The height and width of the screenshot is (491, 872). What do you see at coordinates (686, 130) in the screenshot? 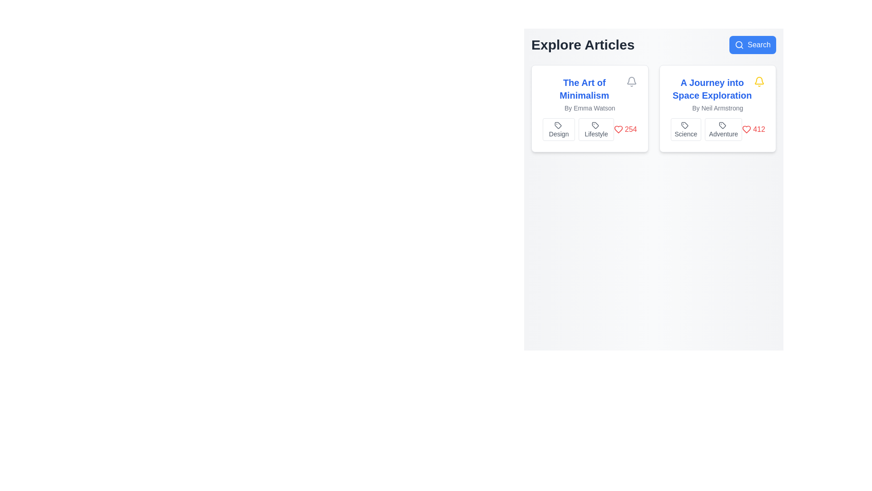
I see `the 'Science' label, which serves as a category tag for the article titled 'A Journey into Space Exploration.'` at bounding box center [686, 130].